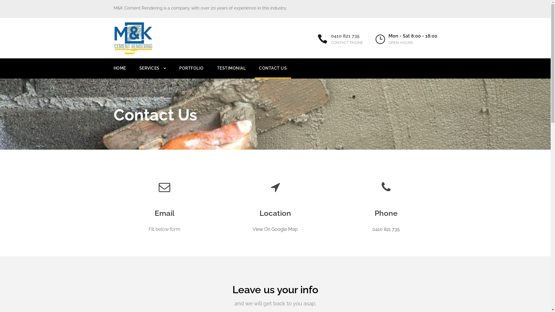 The width and height of the screenshot is (555, 312). What do you see at coordinates (153, 71) in the screenshot?
I see `'SERVICES'` at bounding box center [153, 71].